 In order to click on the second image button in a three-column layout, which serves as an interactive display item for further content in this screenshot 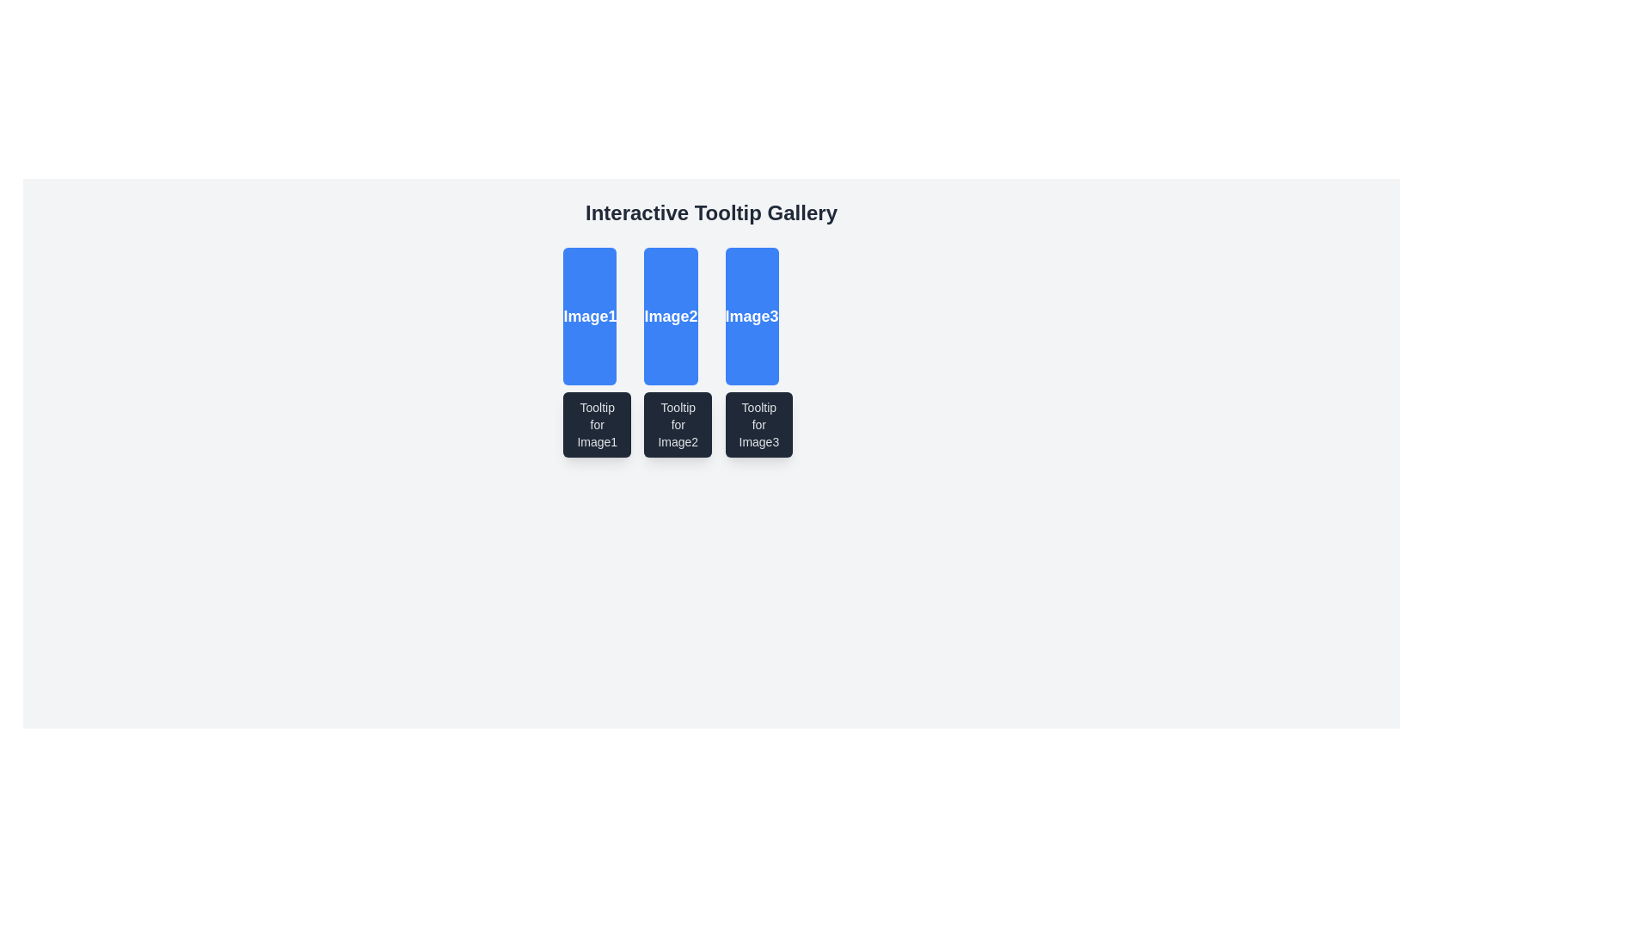, I will do `click(670, 316)`.